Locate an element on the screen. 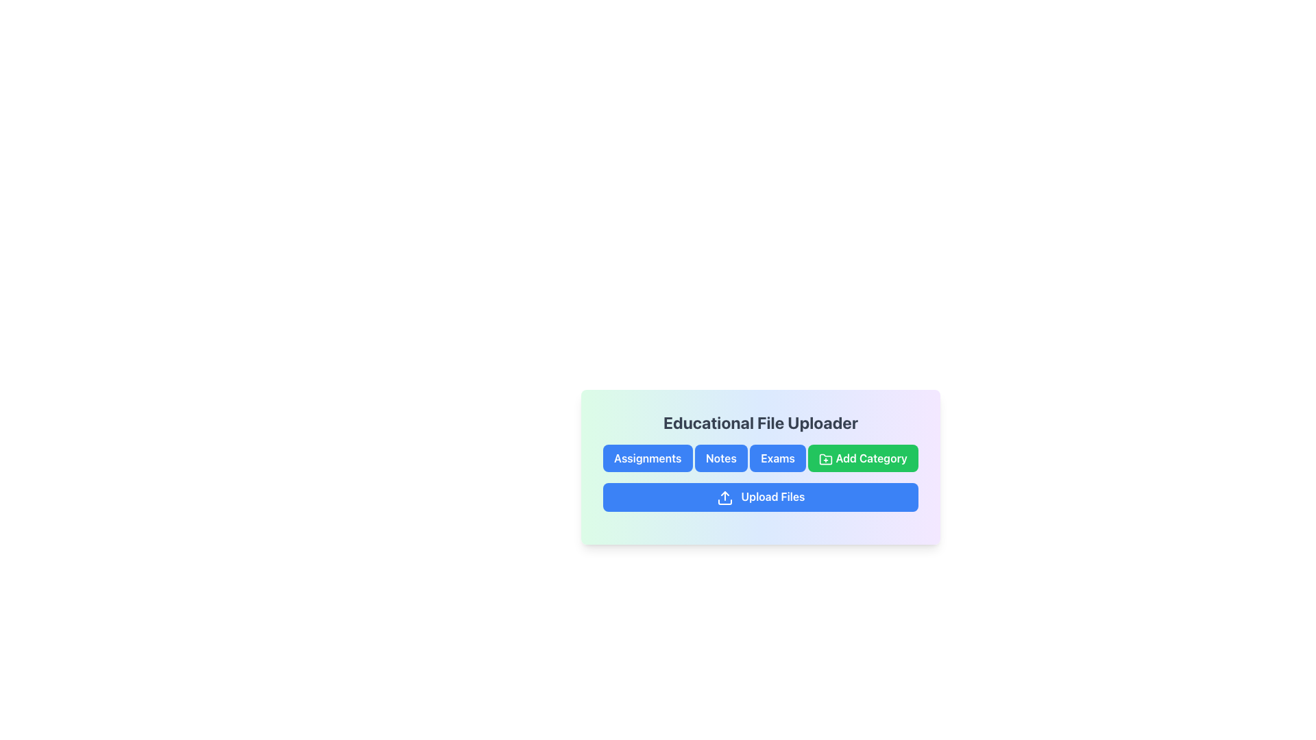  the upload files icon located to the left of the 'Upload Files' text within the 'Upload Files' button component under the 'Educational File Uploader' heading is located at coordinates (724, 497).